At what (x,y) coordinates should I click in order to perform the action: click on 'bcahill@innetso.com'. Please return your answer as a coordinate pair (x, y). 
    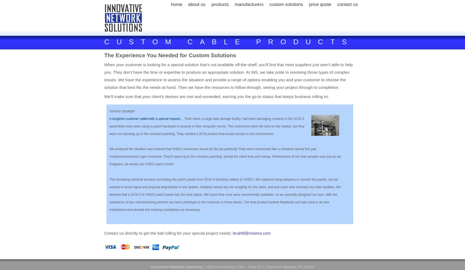
    Looking at the image, I should click on (251, 233).